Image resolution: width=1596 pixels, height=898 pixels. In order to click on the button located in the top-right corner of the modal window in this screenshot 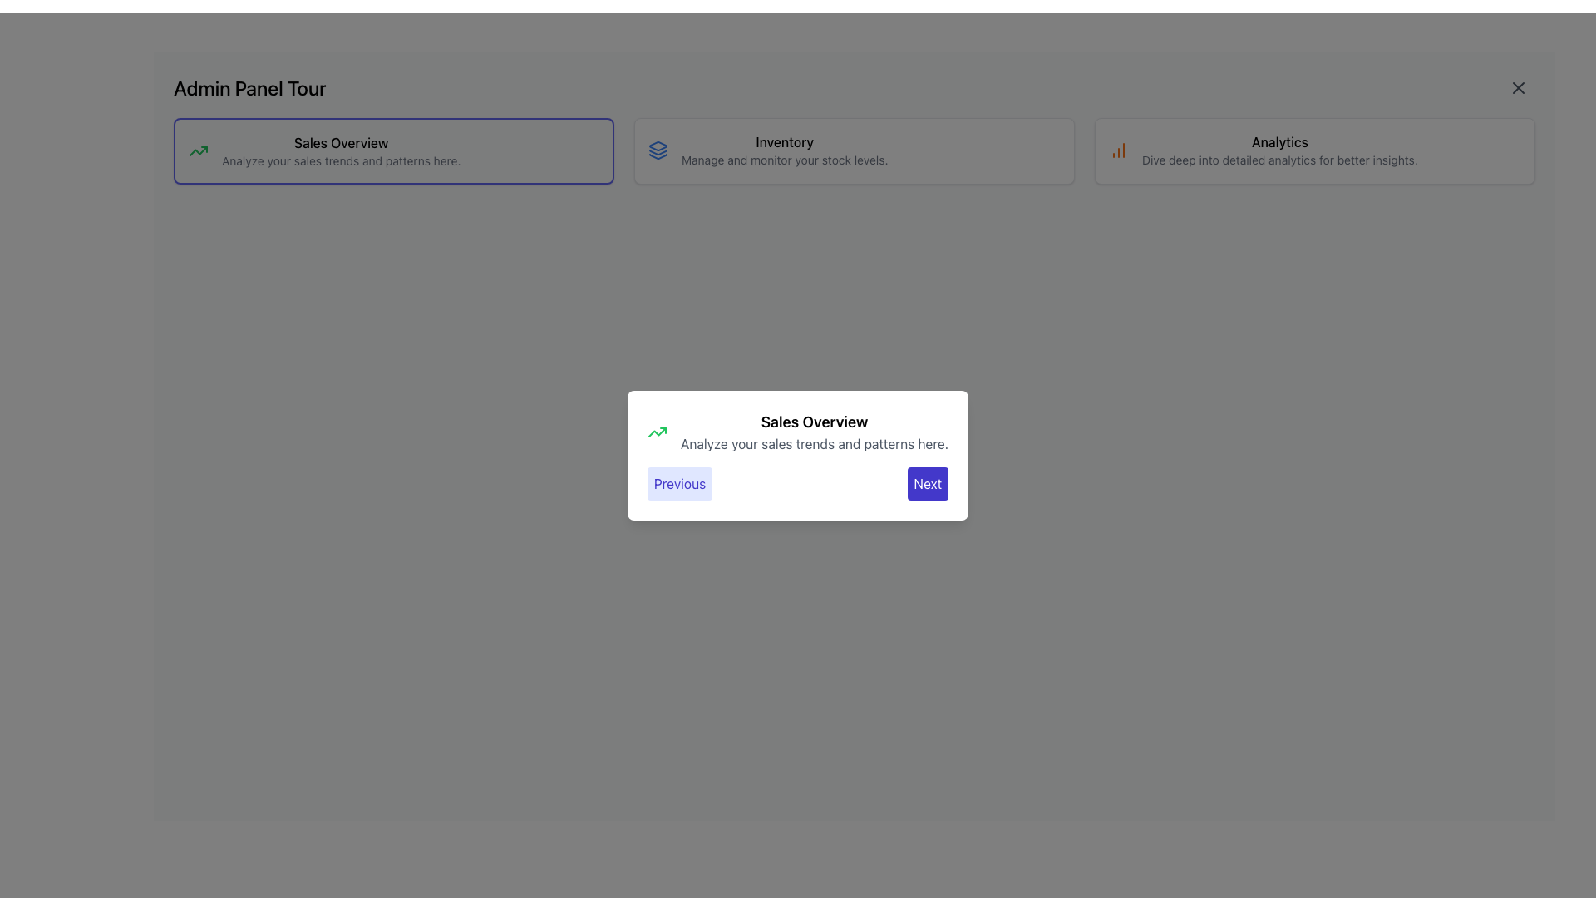, I will do `click(1519, 87)`.